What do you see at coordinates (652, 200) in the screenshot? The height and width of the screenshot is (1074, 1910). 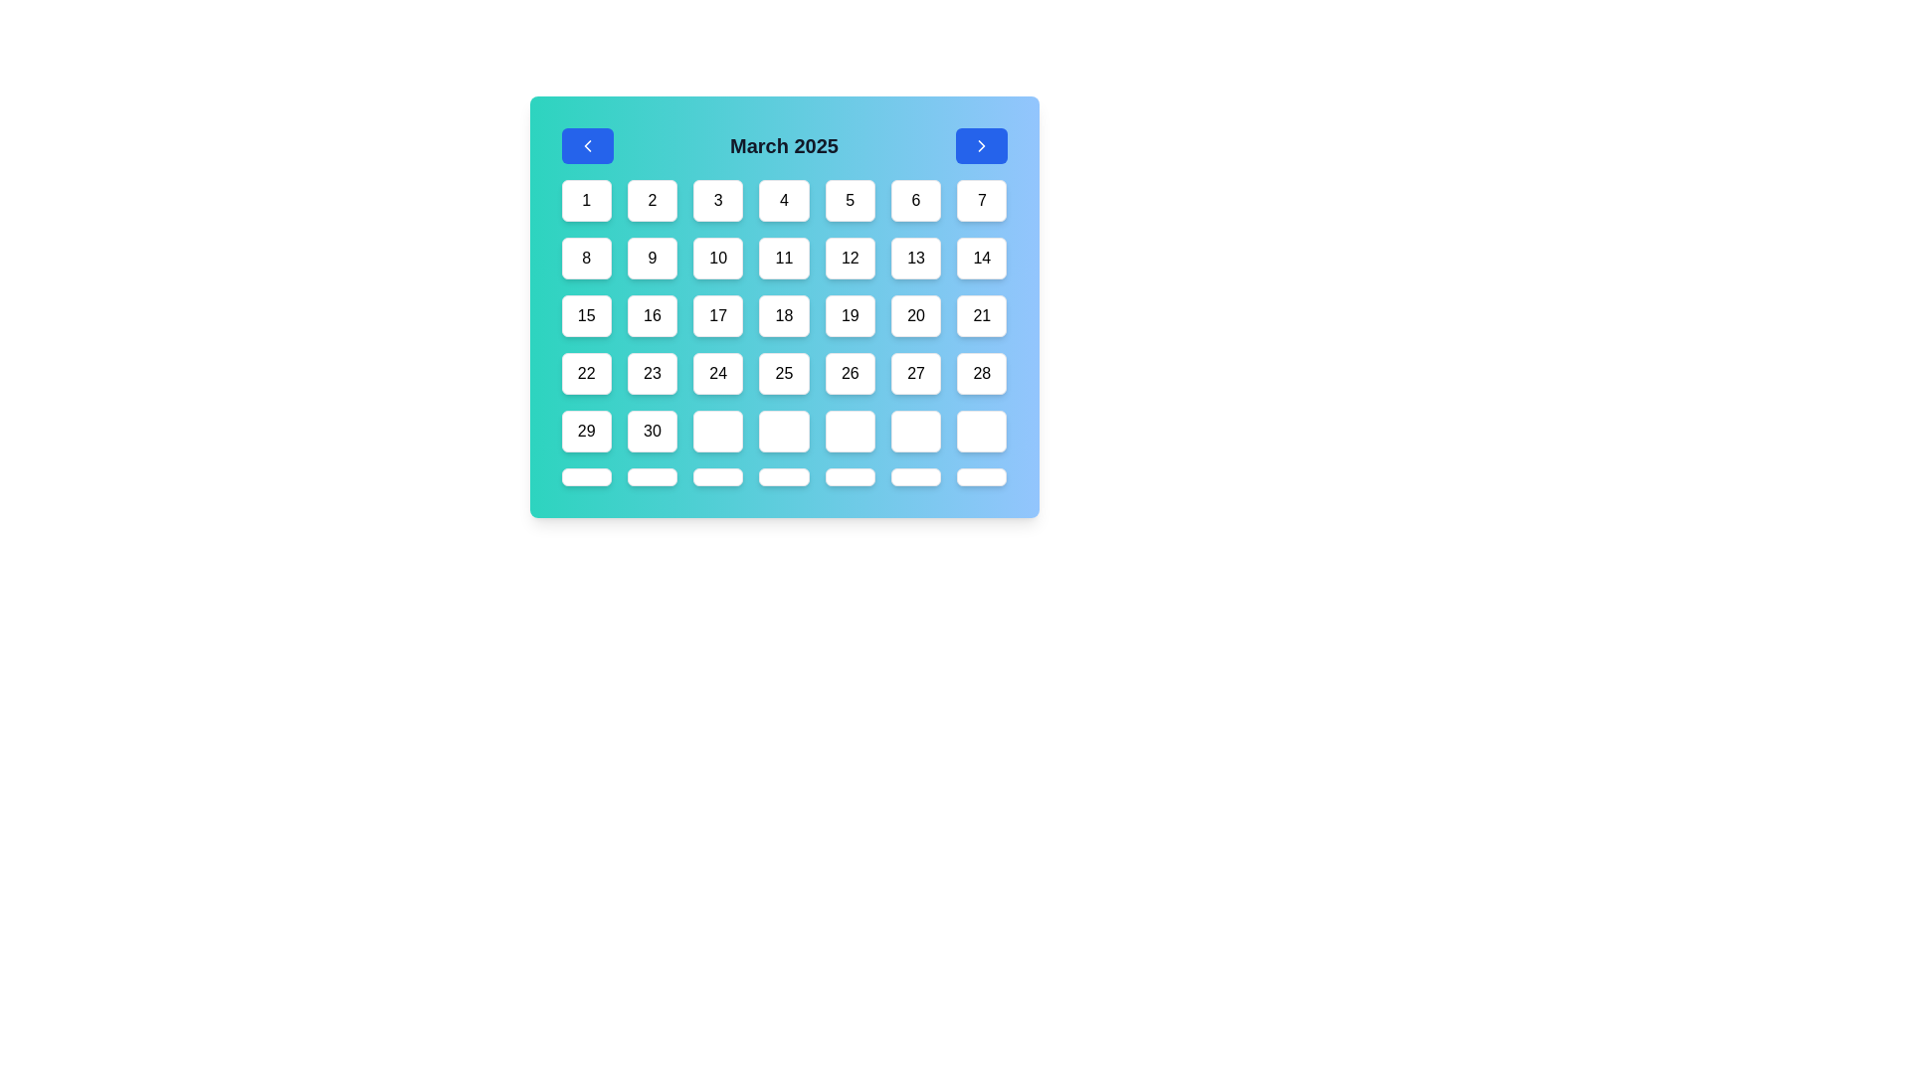 I see `the Calendar date cell containing the number '2', which is the second cell in the first row of the calendar grid` at bounding box center [652, 200].